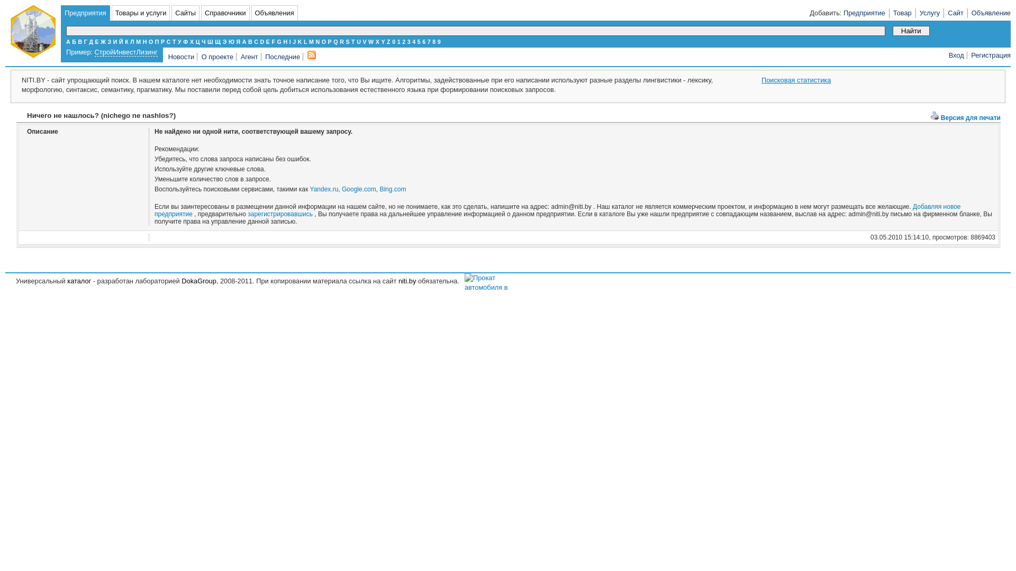 The width and height of the screenshot is (1016, 571). What do you see at coordinates (250, 41) in the screenshot?
I see `'B'` at bounding box center [250, 41].